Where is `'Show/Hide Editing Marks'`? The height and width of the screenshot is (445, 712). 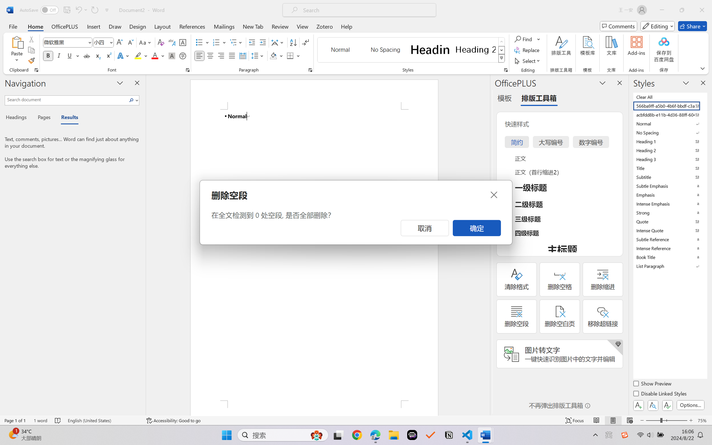
'Show/Hide Editing Marks' is located at coordinates (305, 42).